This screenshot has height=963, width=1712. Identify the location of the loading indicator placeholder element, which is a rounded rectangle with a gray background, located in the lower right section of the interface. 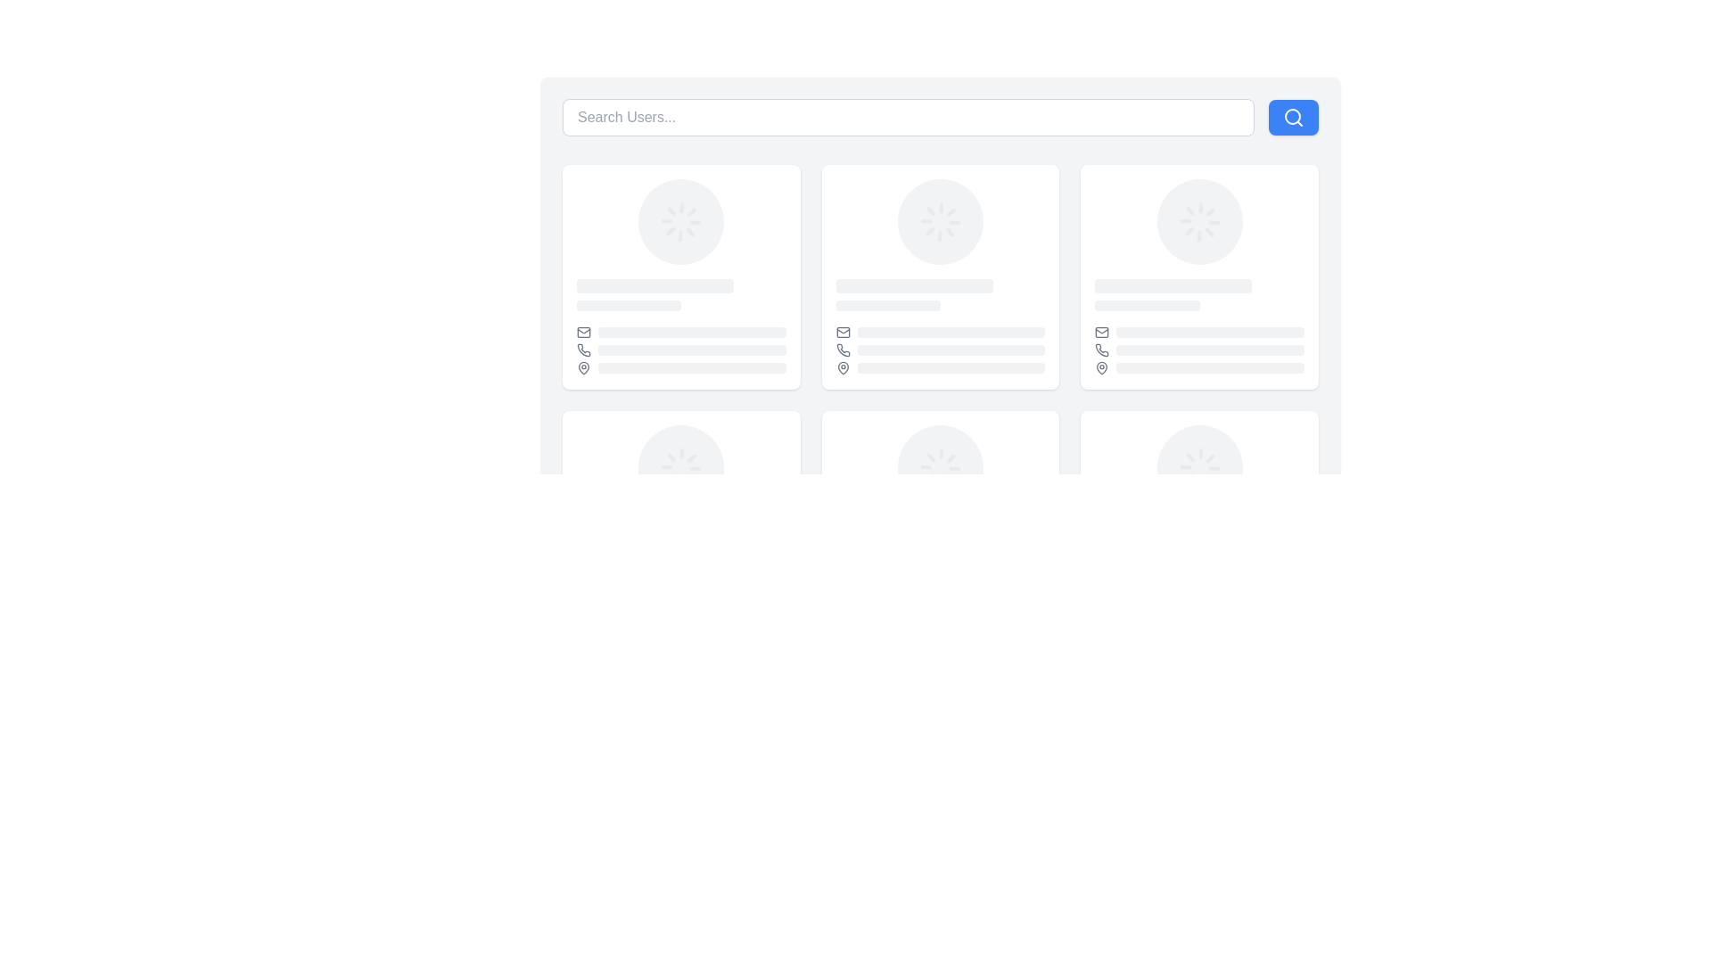
(1173, 531).